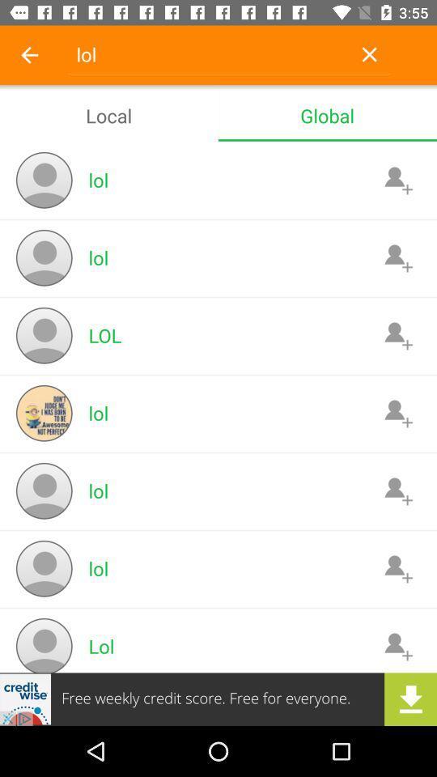 This screenshot has width=437, height=777. What do you see at coordinates (397, 568) in the screenshot?
I see `friend` at bounding box center [397, 568].